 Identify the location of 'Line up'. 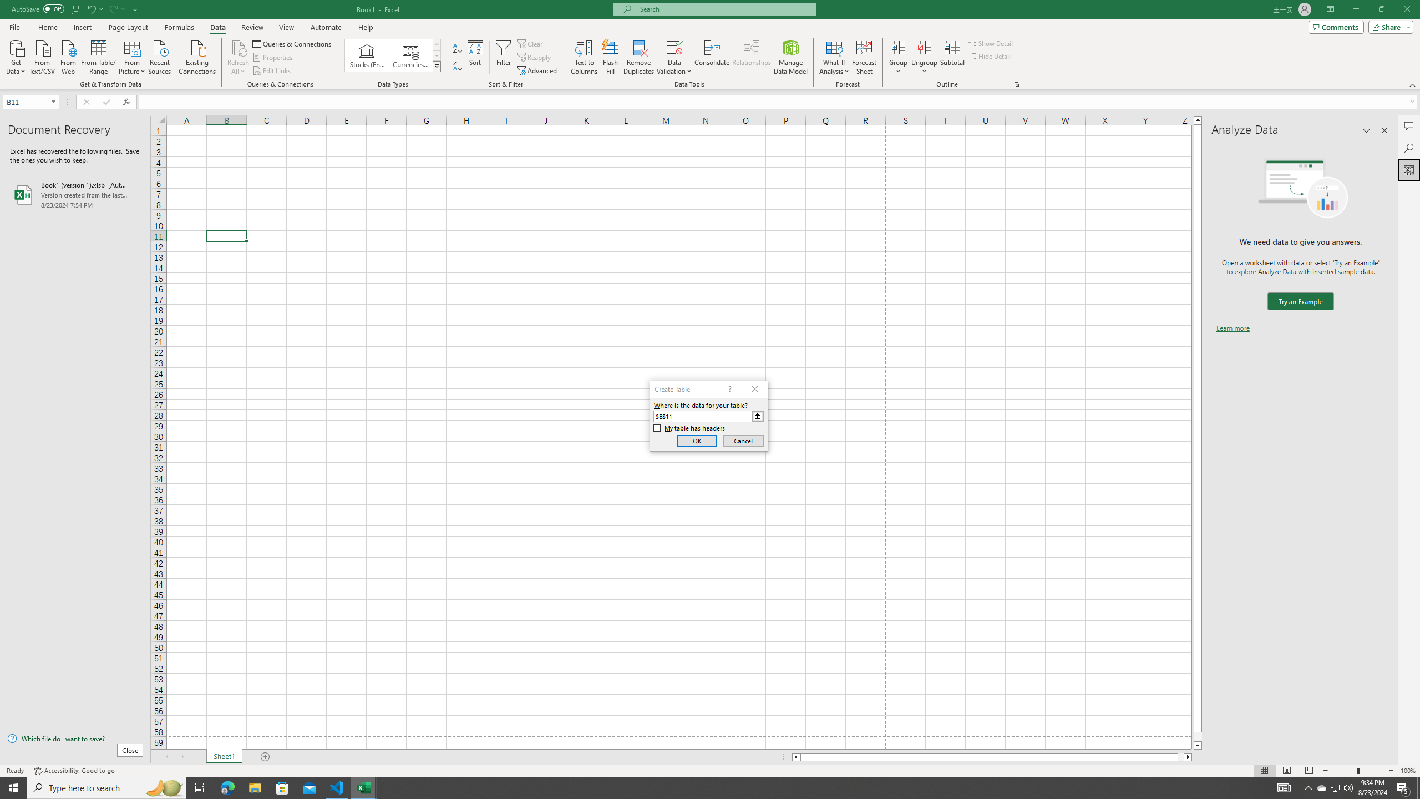
(1198, 119).